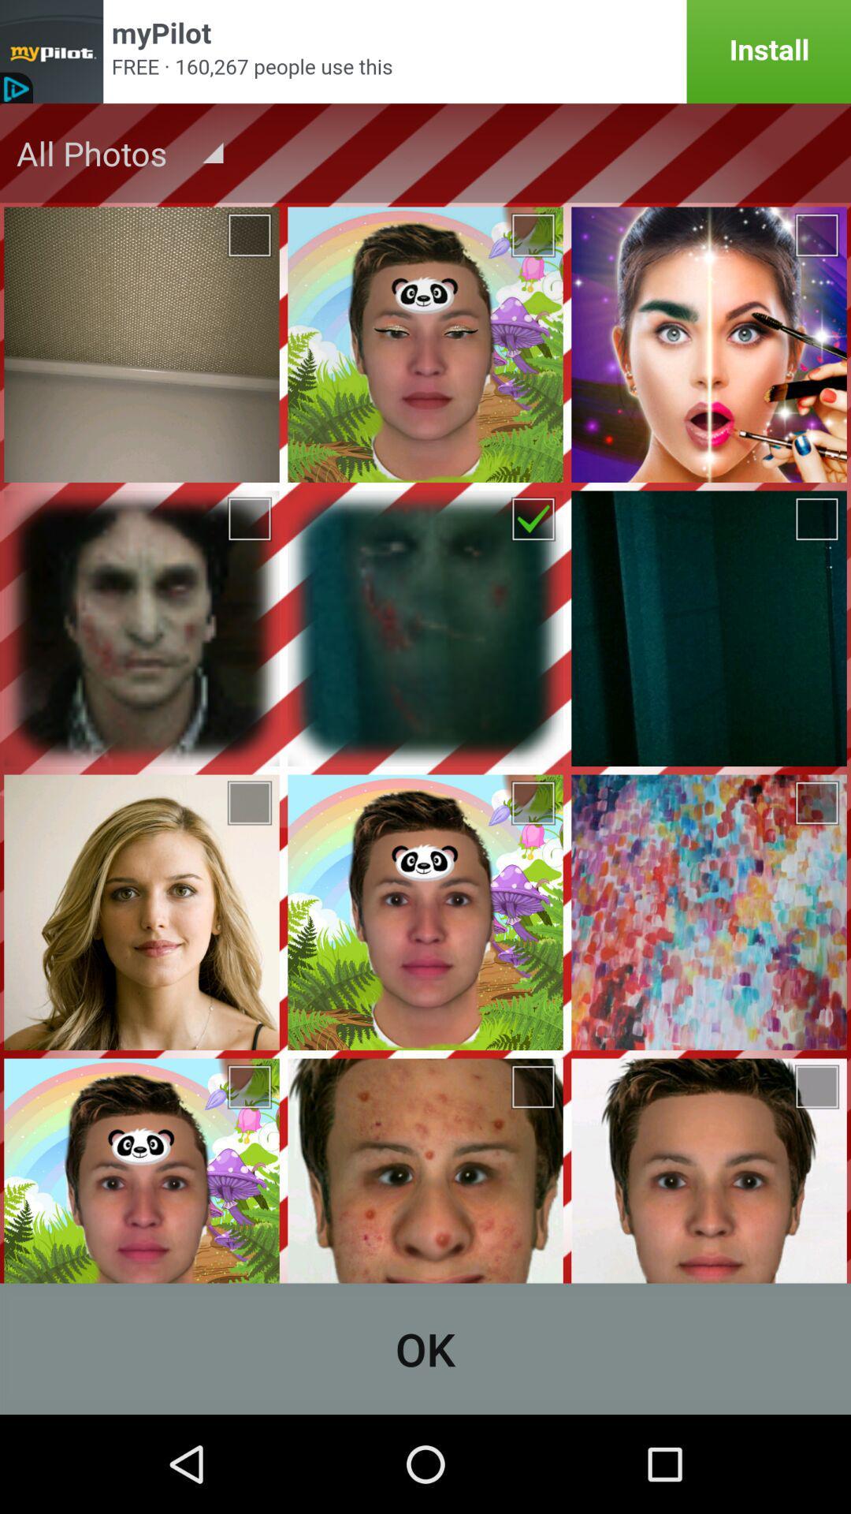  I want to click on the label icon, so click(693, 174).